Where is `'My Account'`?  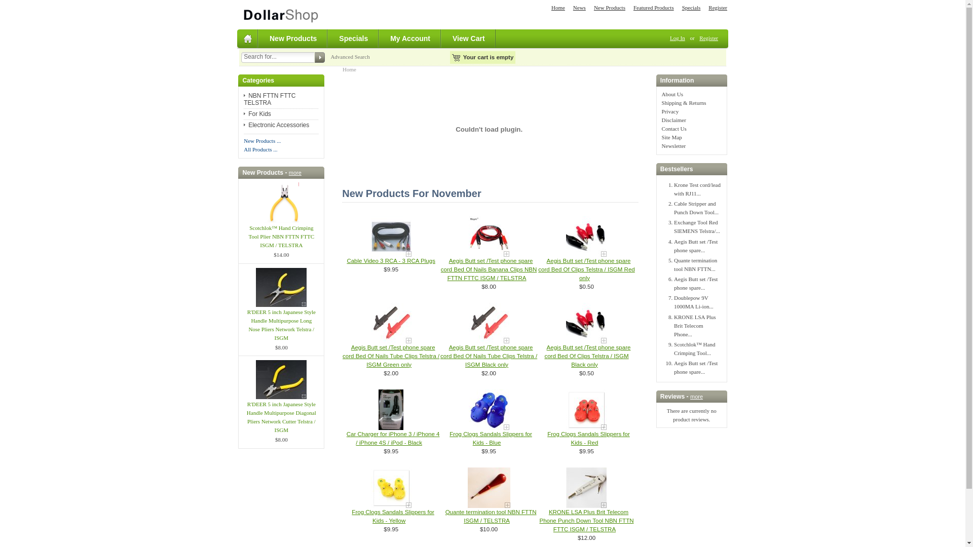
'My Account' is located at coordinates (410, 38).